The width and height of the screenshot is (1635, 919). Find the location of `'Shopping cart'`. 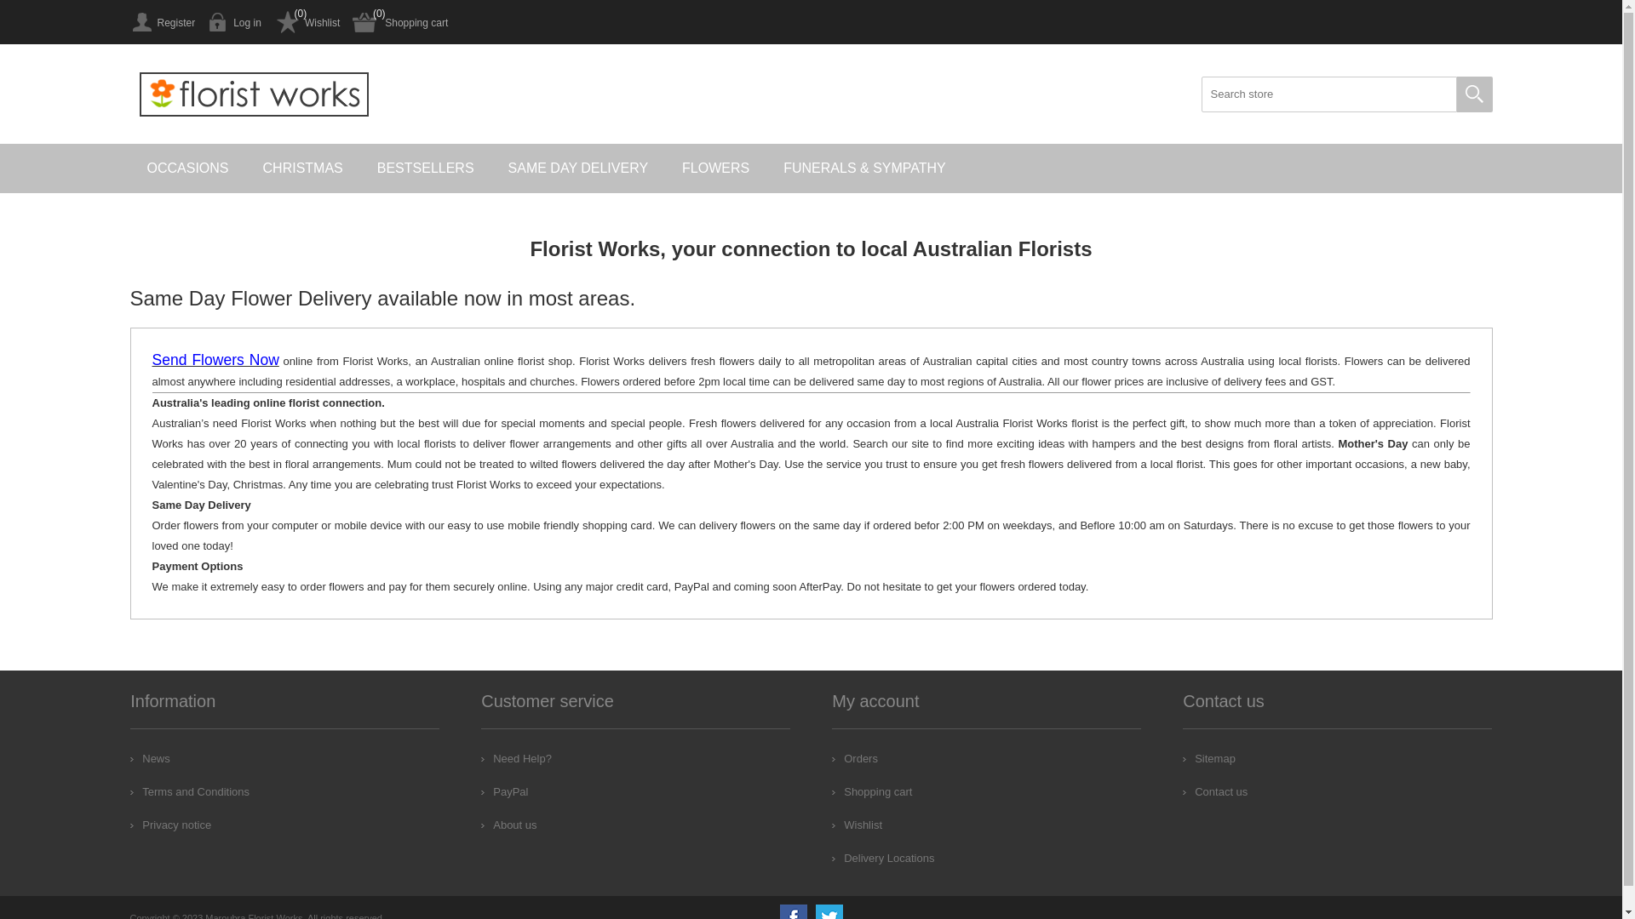

'Shopping cart' is located at coordinates (399, 22).